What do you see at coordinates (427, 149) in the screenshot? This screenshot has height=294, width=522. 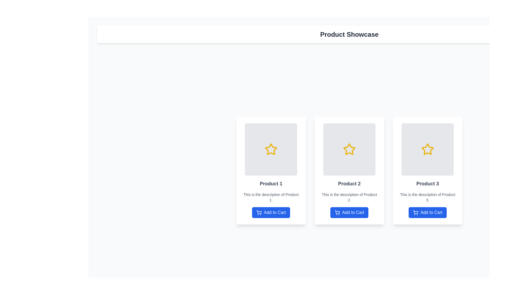 I see `the decorative icon located in the upper section of the 'Product 3' card, positioned within the gray square area above the title and description text` at bounding box center [427, 149].